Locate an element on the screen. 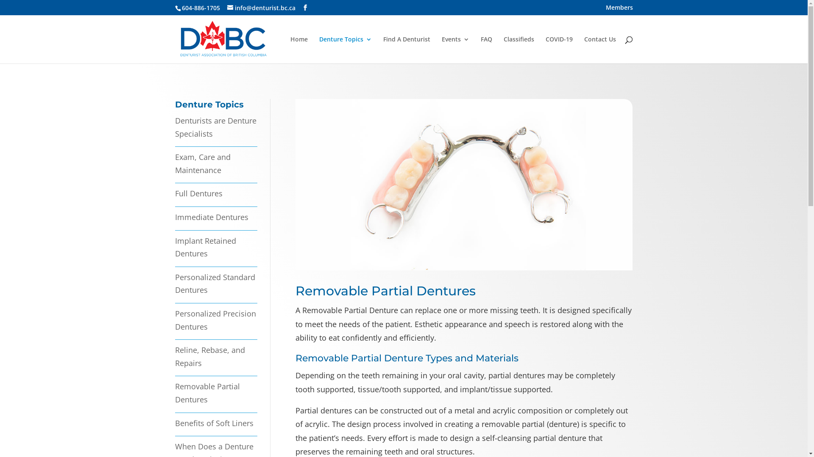  'Immediate Dentures' is located at coordinates (211, 217).